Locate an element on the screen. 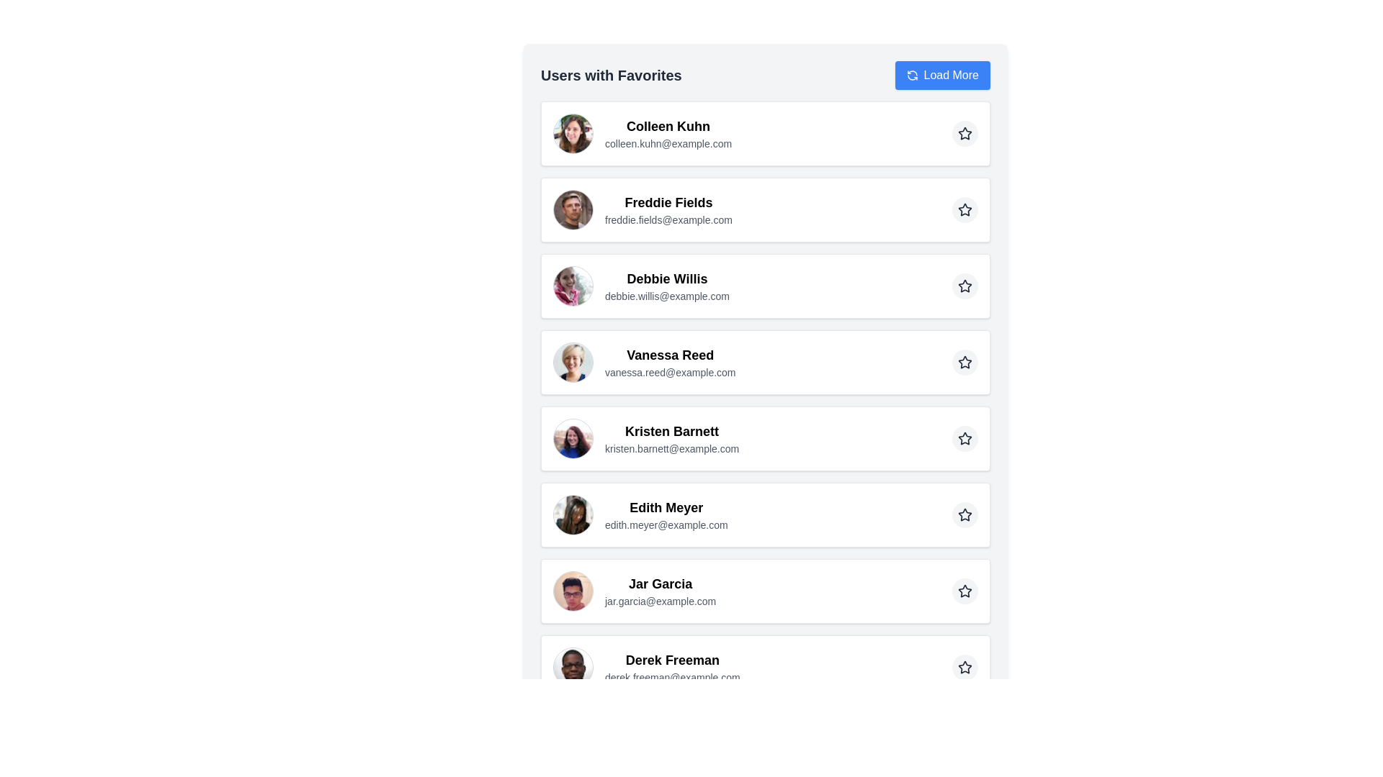 The image size is (1383, 777). the star-shaped icon within the circular button associated with 'Kristen Barnett (kristen.barnett@example.com)' is located at coordinates (964, 437).